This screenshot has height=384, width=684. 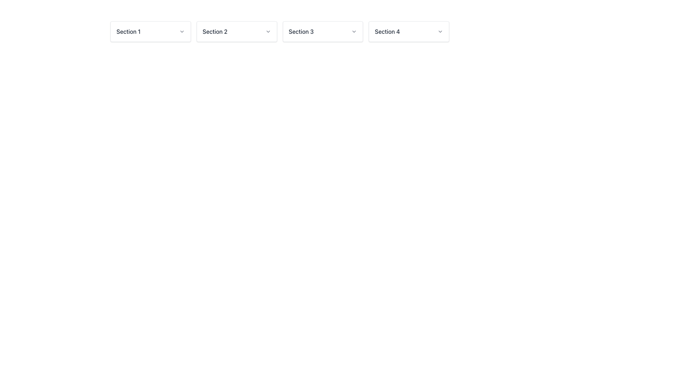 I want to click on the Dropdown menu trigger labeled 'Section 3', so click(x=322, y=31).